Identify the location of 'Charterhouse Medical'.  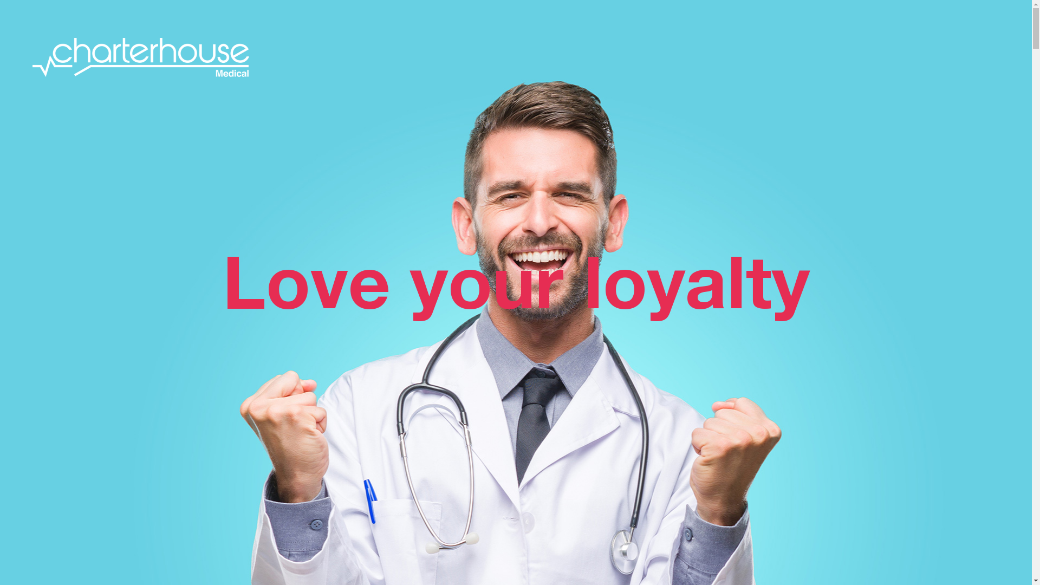
(140, 57).